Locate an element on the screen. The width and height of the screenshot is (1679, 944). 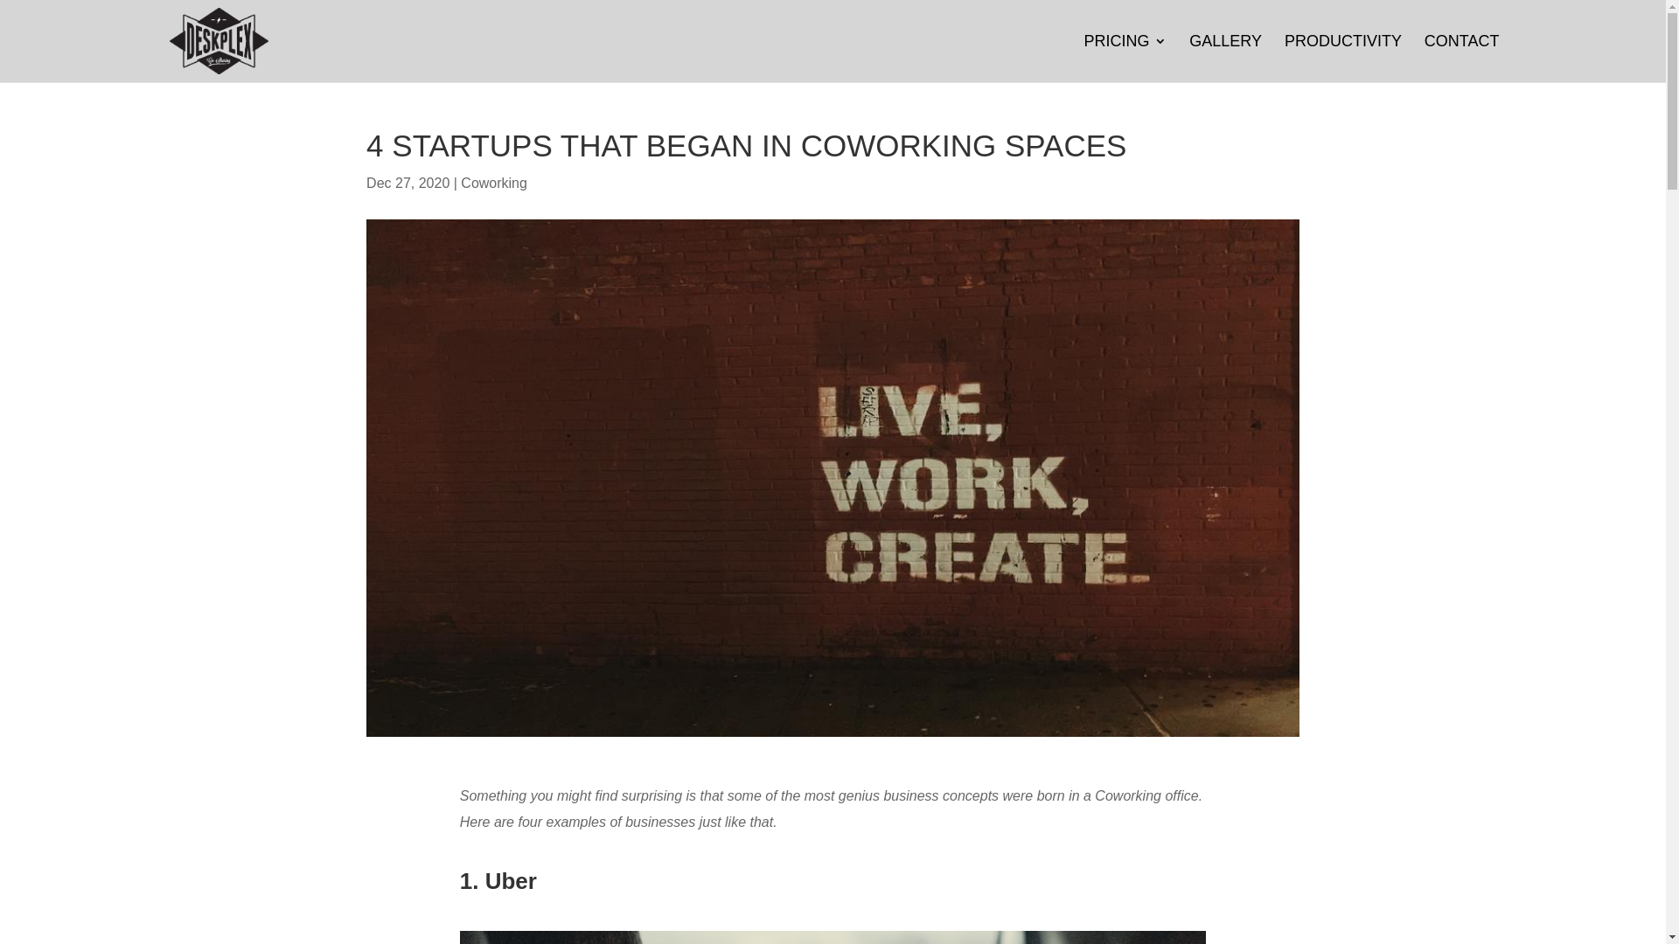
'CONTACT' is located at coordinates (1461, 57).